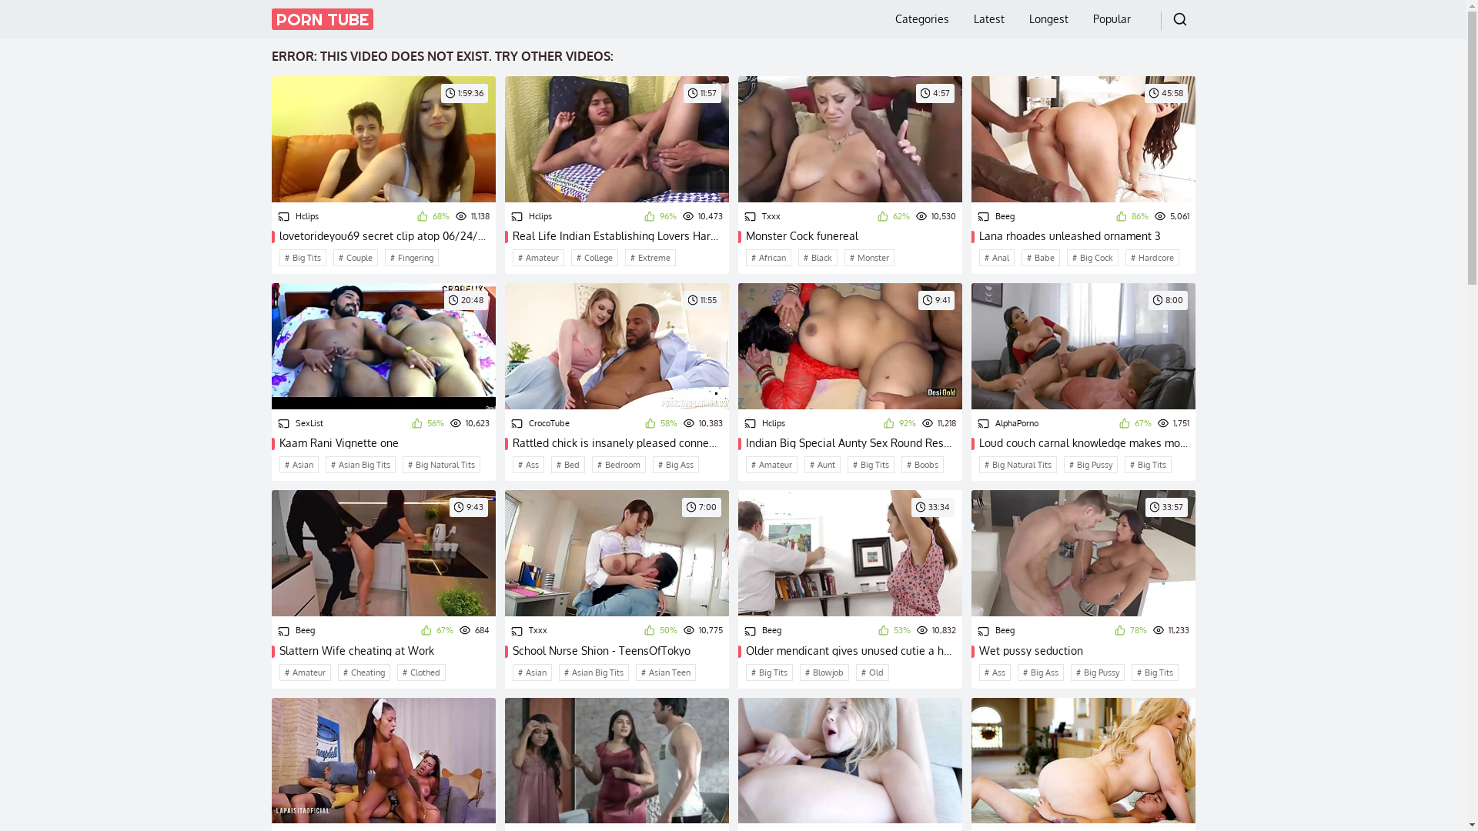 The image size is (1478, 831). What do you see at coordinates (302, 257) in the screenshot?
I see `'Big Tits'` at bounding box center [302, 257].